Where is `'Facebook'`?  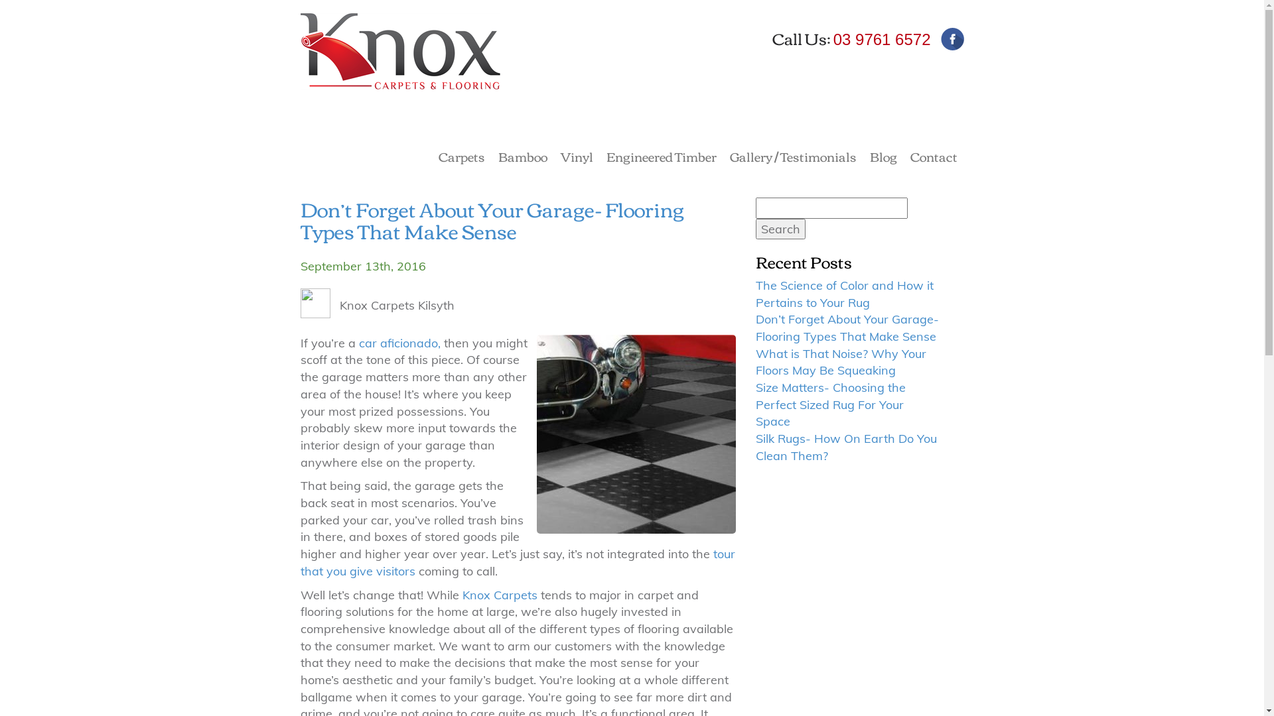 'Facebook' is located at coordinates (952, 38).